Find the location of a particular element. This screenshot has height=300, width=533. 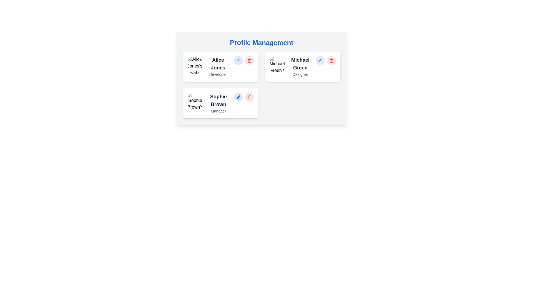

the text label displaying the name 'Michael Green', which identifies the user in the top right card of the profile grid is located at coordinates (300, 64).